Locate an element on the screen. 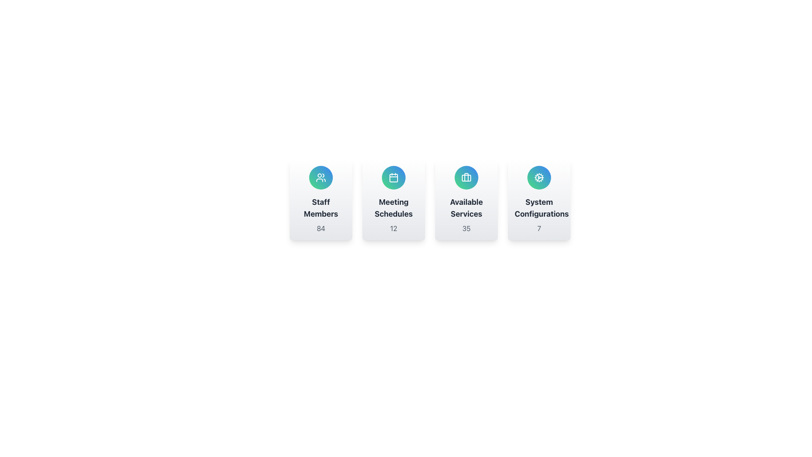 Image resolution: width=812 pixels, height=457 pixels. the cog/gear icon representing settings in the 'System Configurations' section of the fourth card is located at coordinates (539, 177).